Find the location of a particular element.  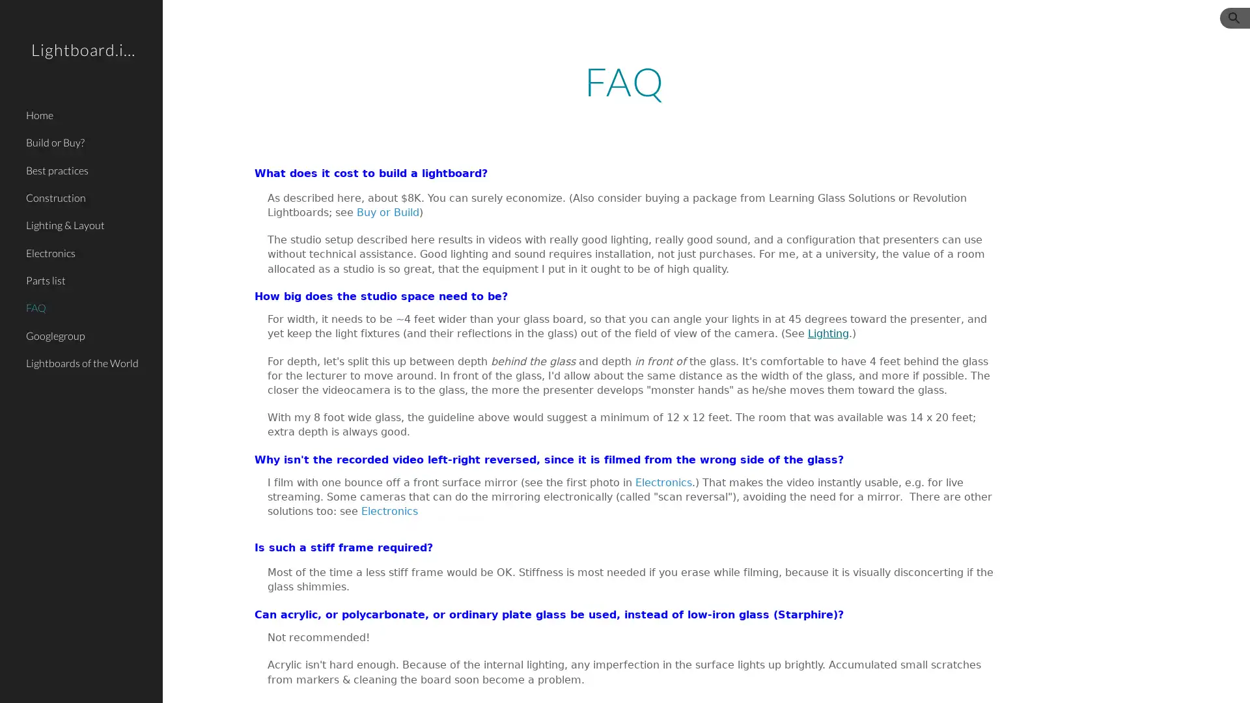

Skip to navigation is located at coordinates (742, 24).